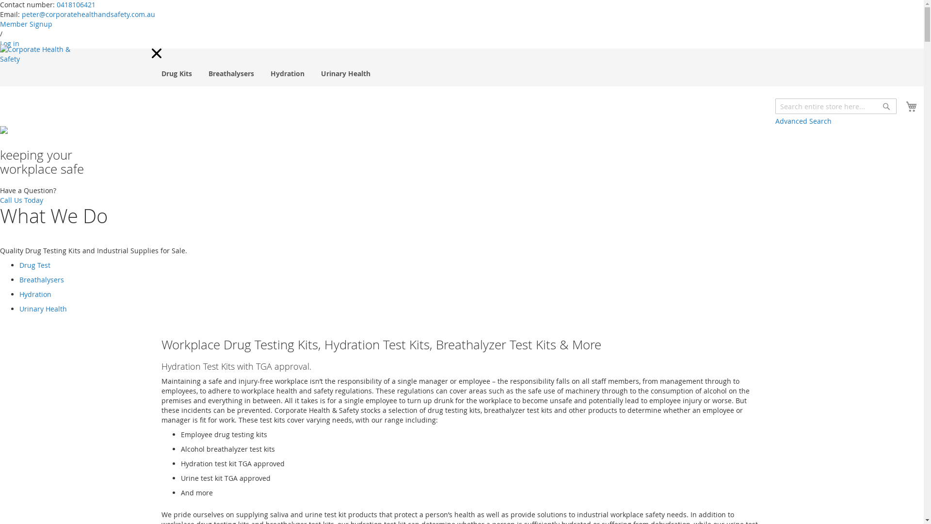  Describe the element at coordinates (774, 120) in the screenshot. I see `'Advanced Search'` at that location.